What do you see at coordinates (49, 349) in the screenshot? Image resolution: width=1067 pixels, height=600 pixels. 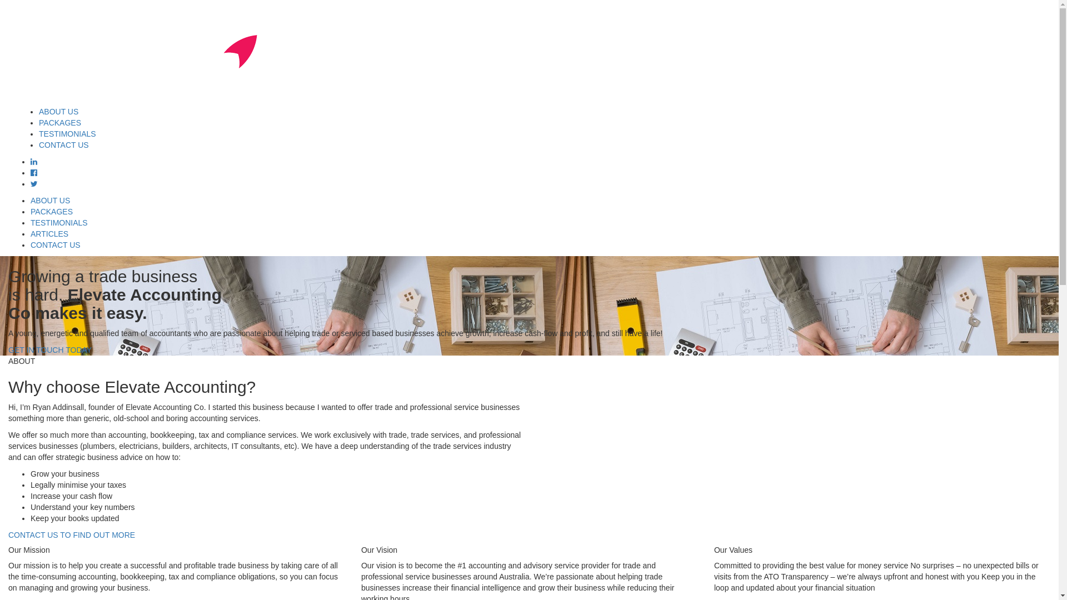 I see `'GET IN TOUCH TODAY'` at bounding box center [49, 349].